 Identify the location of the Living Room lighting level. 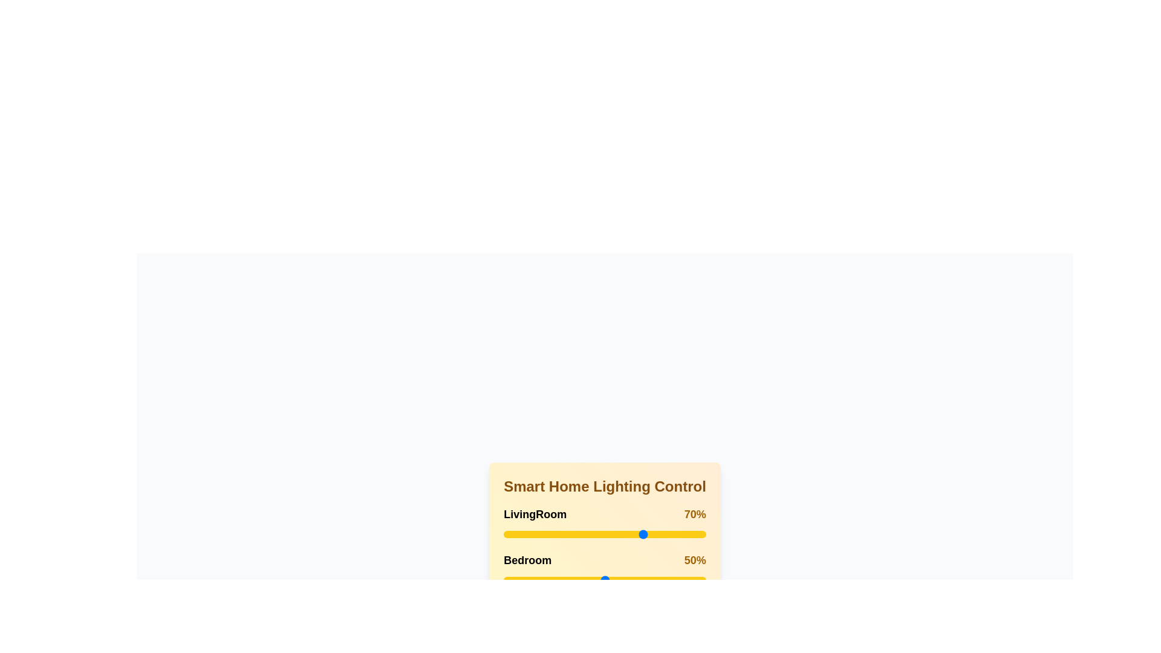
(504, 533).